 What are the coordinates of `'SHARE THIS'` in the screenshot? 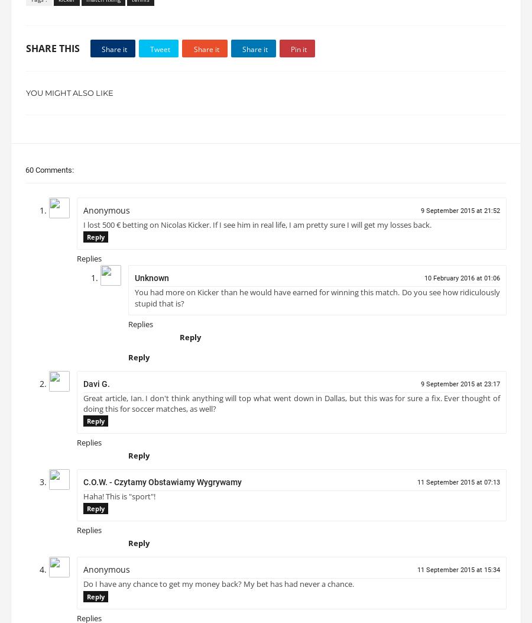 It's located at (52, 53).